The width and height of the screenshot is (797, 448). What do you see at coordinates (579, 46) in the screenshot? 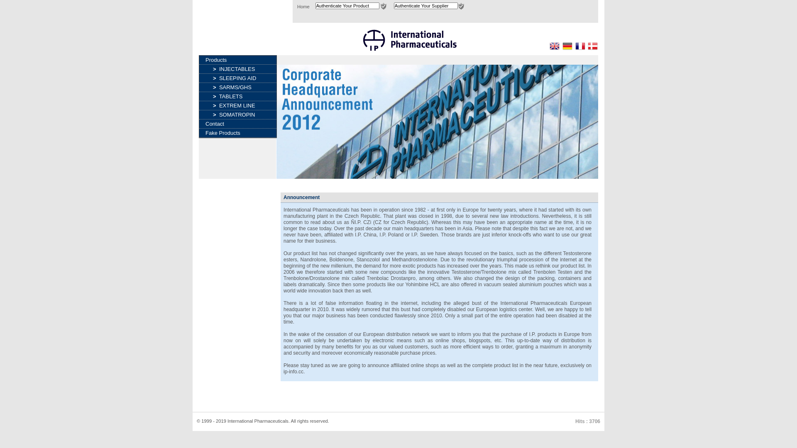
I see `'French'` at bounding box center [579, 46].